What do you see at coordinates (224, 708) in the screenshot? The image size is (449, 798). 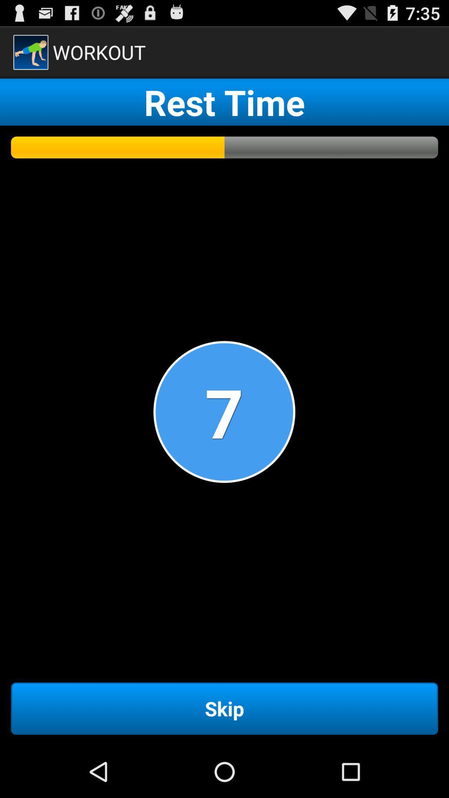 I see `the item below the 7 app` at bounding box center [224, 708].